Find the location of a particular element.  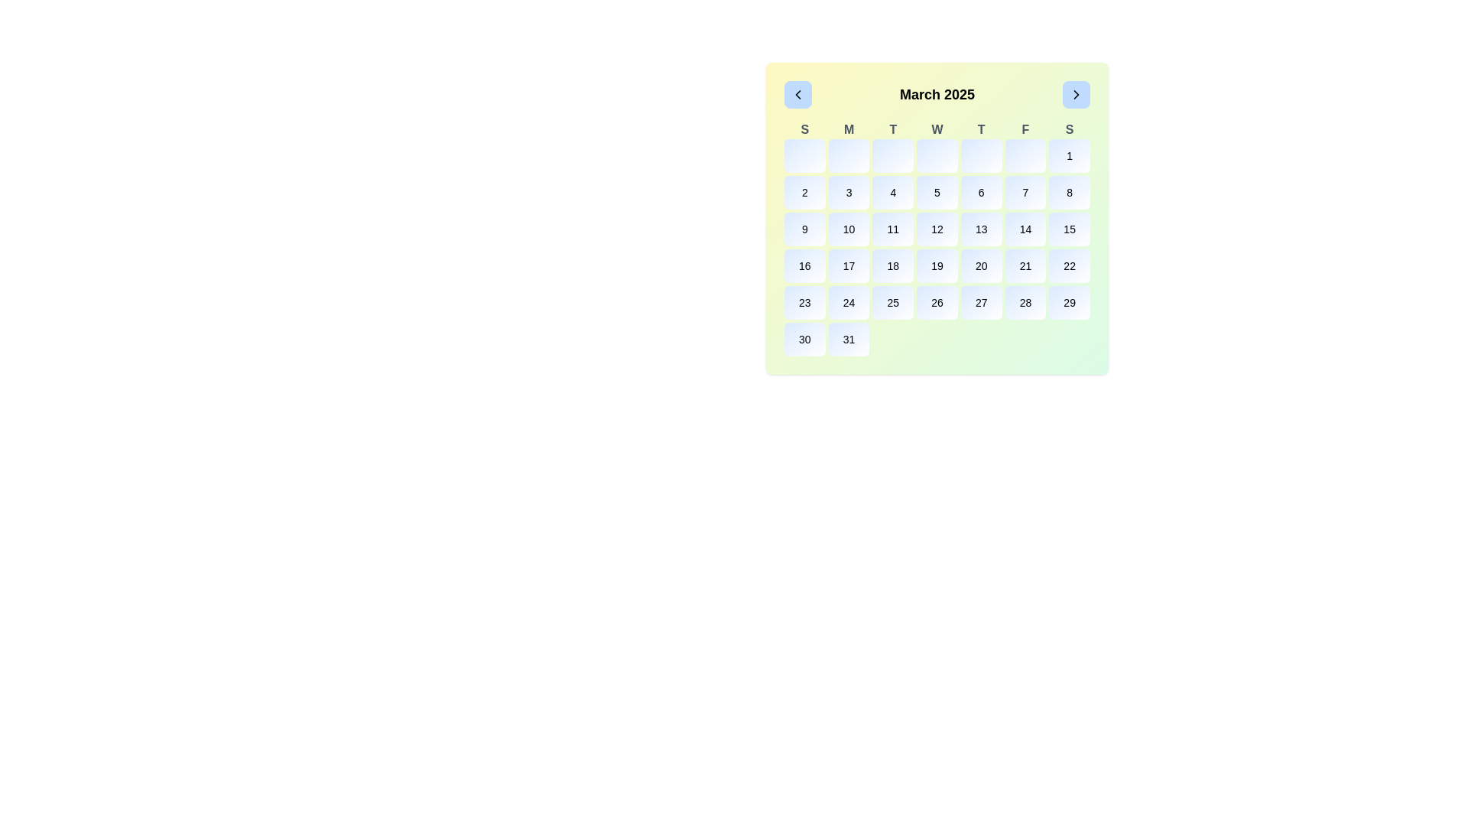

the right-facing chevron SVG icon located within the button component in the top-right corner of the calendar interface for accessibility purposes is located at coordinates (1075, 94).